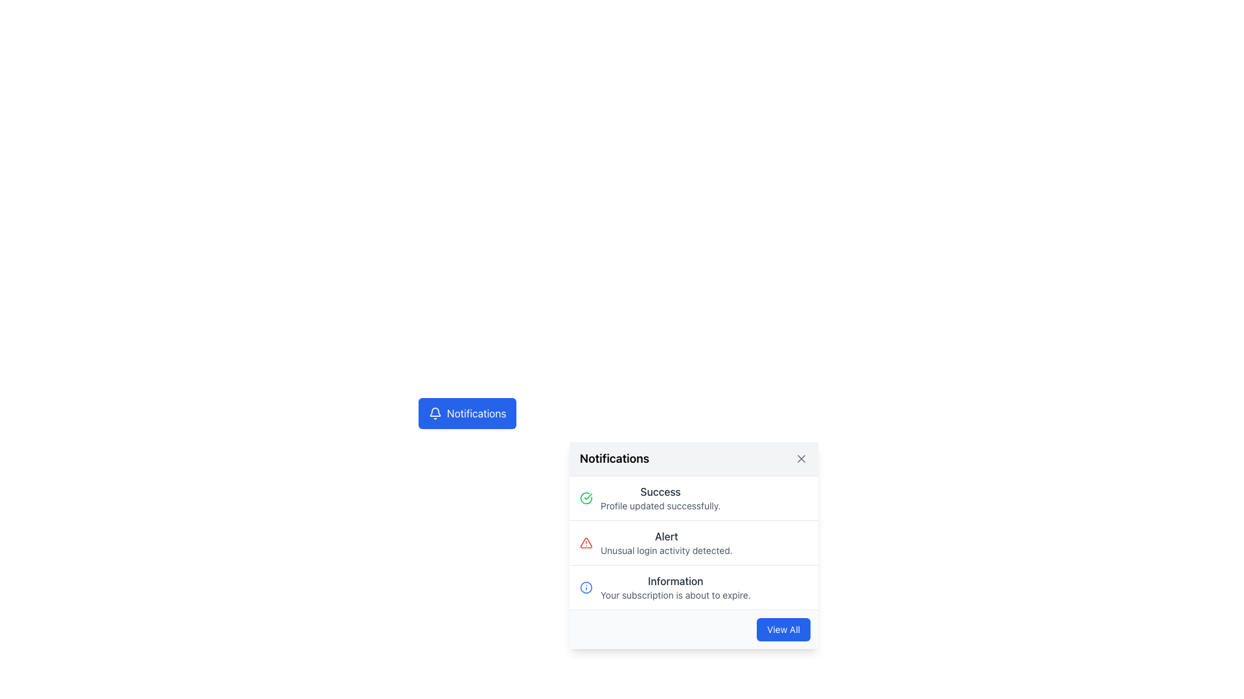 Image resolution: width=1244 pixels, height=699 pixels. What do you see at coordinates (674, 595) in the screenshot?
I see `the text snippet that reads 'Your subscription is about to expire.' located in the notification block below the 'Information' heading` at bounding box center [674, 595].